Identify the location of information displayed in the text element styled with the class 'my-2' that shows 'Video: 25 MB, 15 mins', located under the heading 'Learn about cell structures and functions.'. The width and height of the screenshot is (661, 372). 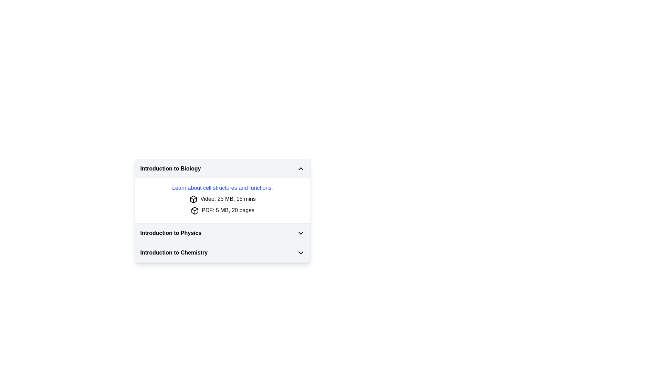
(222, 199).